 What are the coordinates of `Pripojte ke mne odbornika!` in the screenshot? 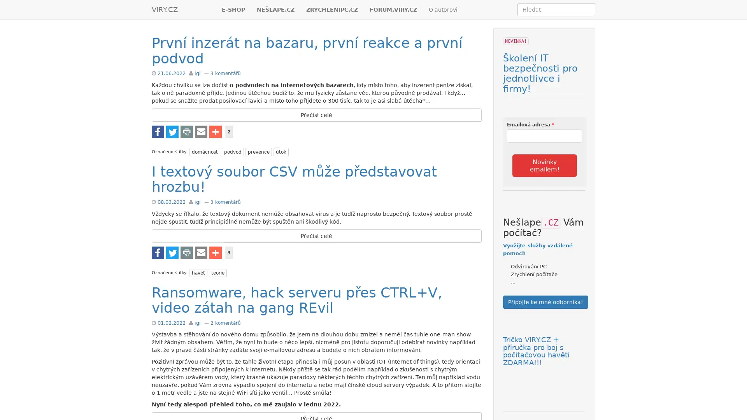 It's located at (545, 301).